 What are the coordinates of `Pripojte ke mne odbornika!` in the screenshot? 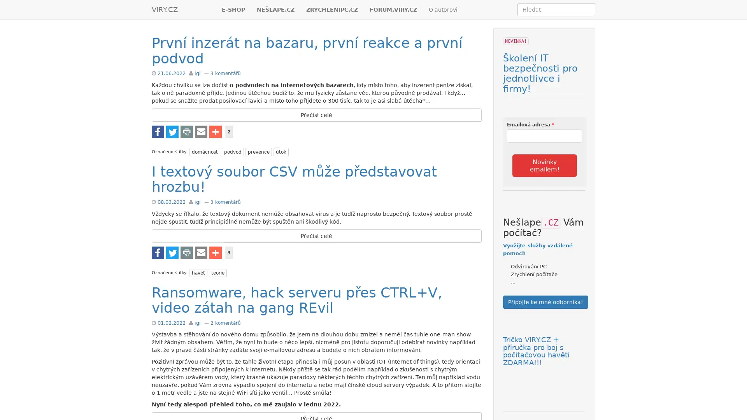 It's located at (545, 301).